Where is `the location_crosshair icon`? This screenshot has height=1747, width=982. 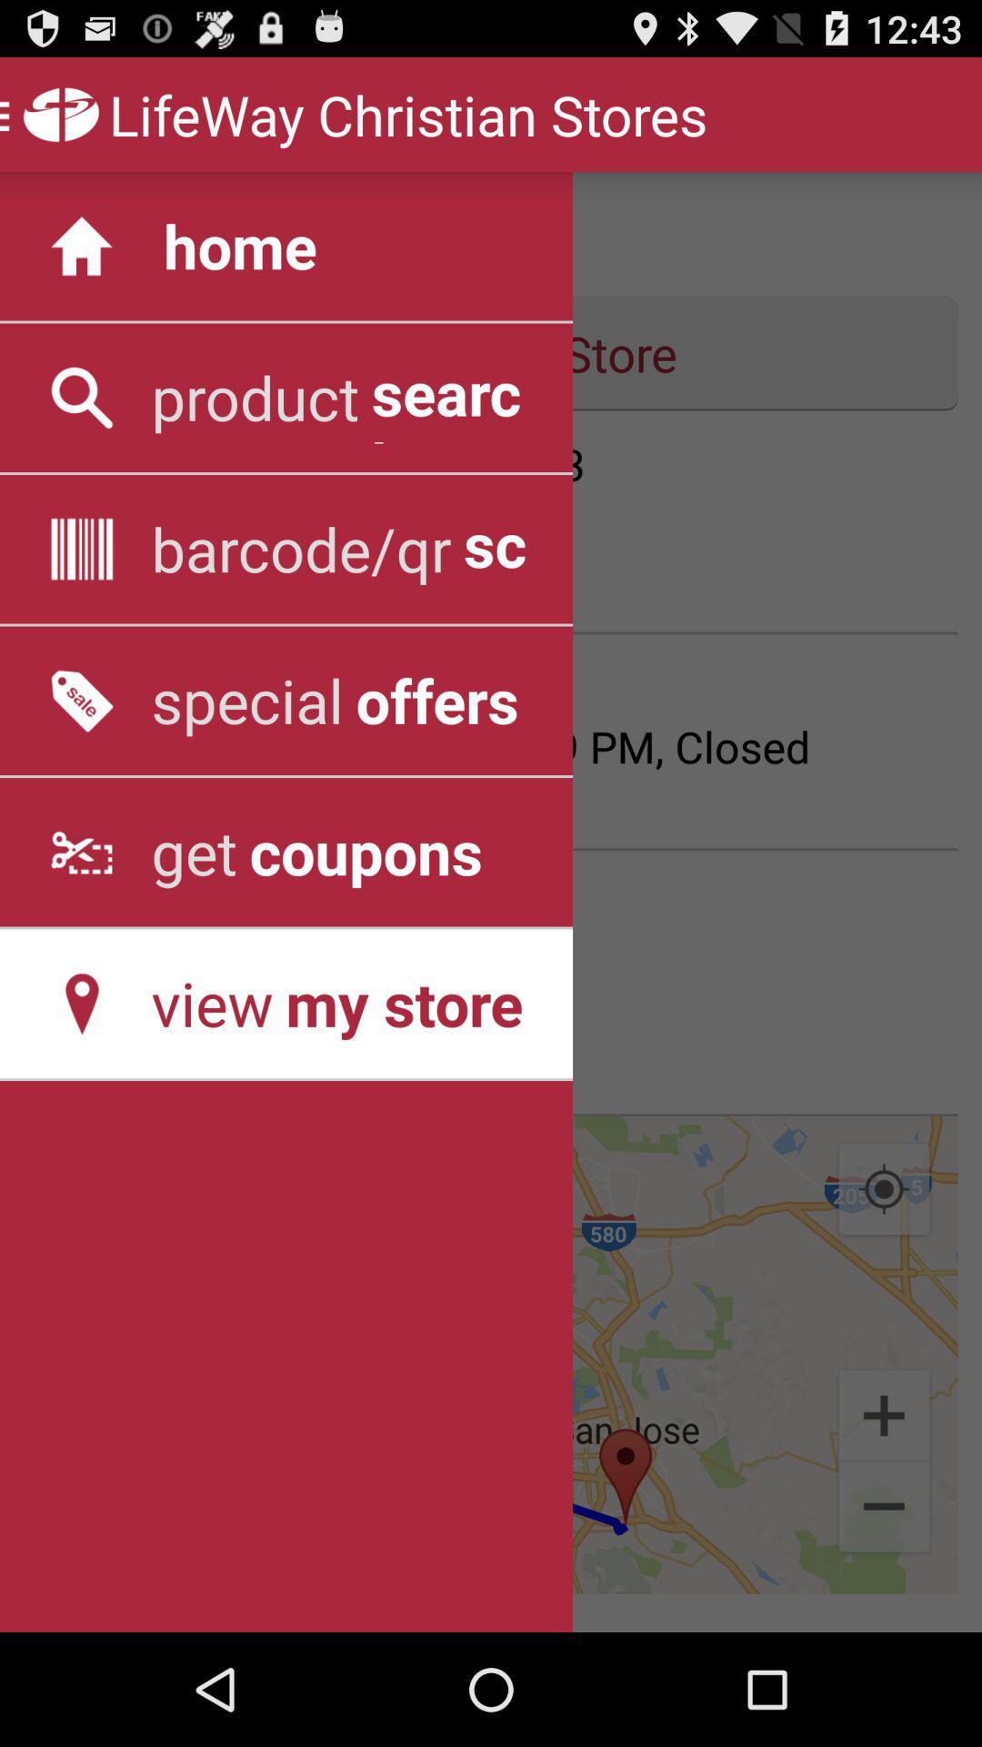
the location_crosshair icon is located at coordinates (883, 1273).